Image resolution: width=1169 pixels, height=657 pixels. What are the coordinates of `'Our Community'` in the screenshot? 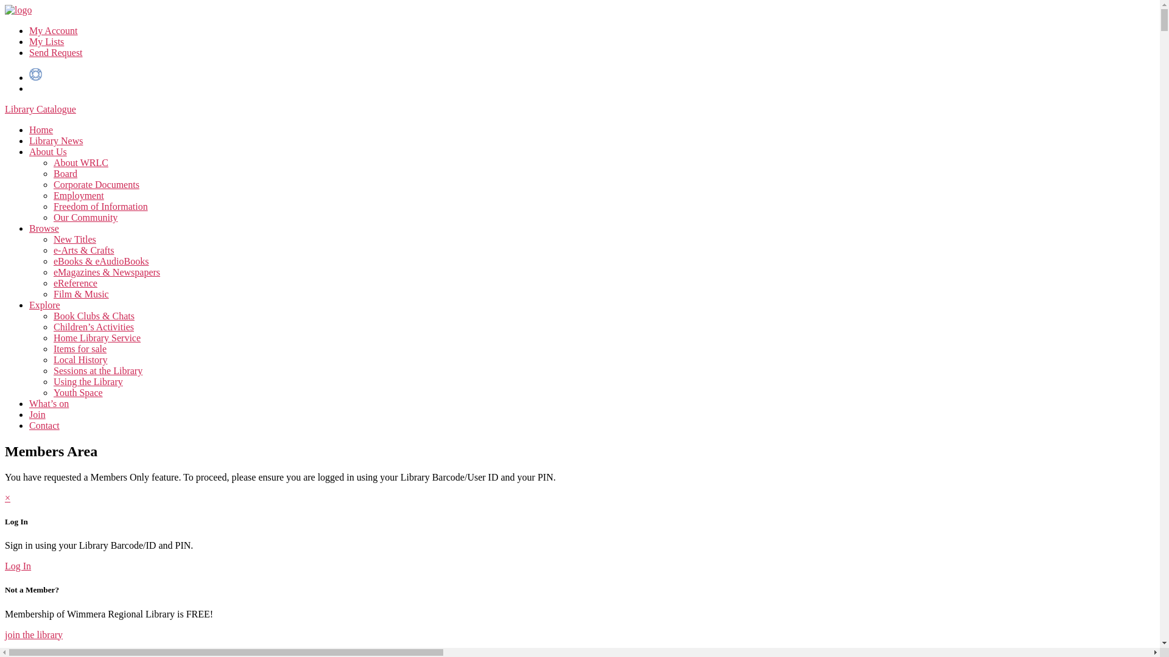 It's located at (85, 217).